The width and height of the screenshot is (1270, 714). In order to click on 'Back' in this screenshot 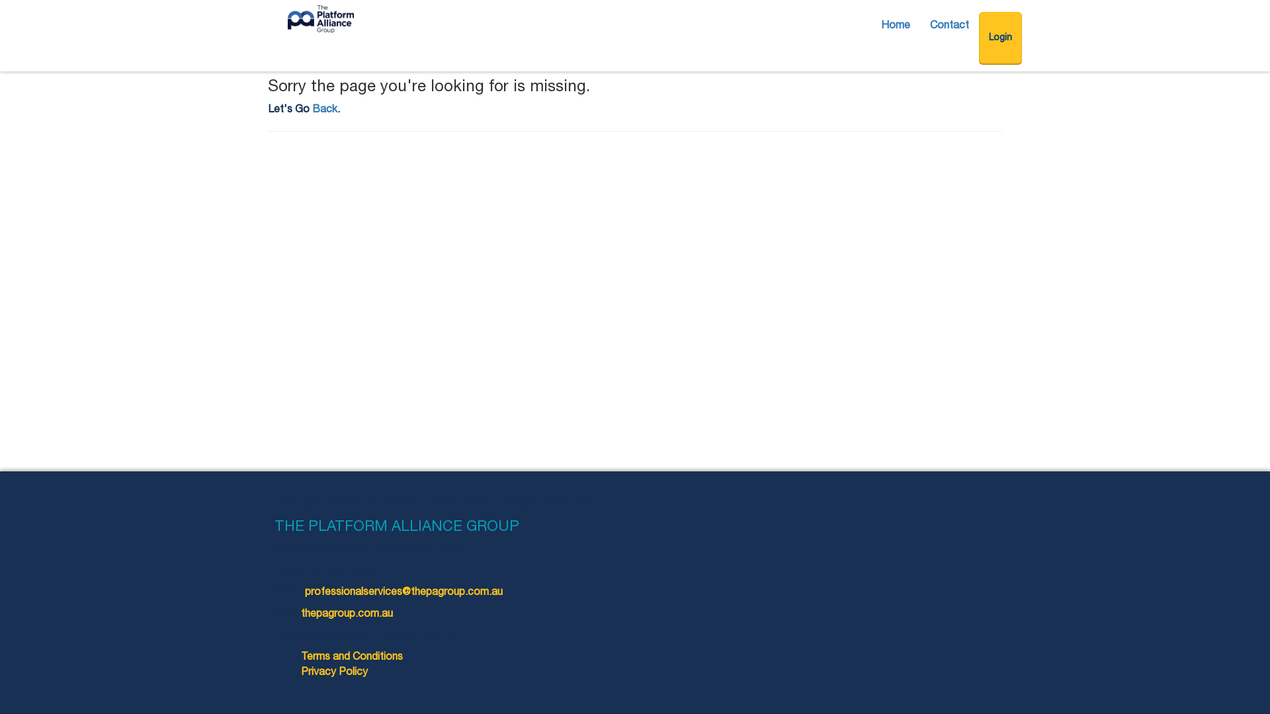, I will do `click(311, 109)`.